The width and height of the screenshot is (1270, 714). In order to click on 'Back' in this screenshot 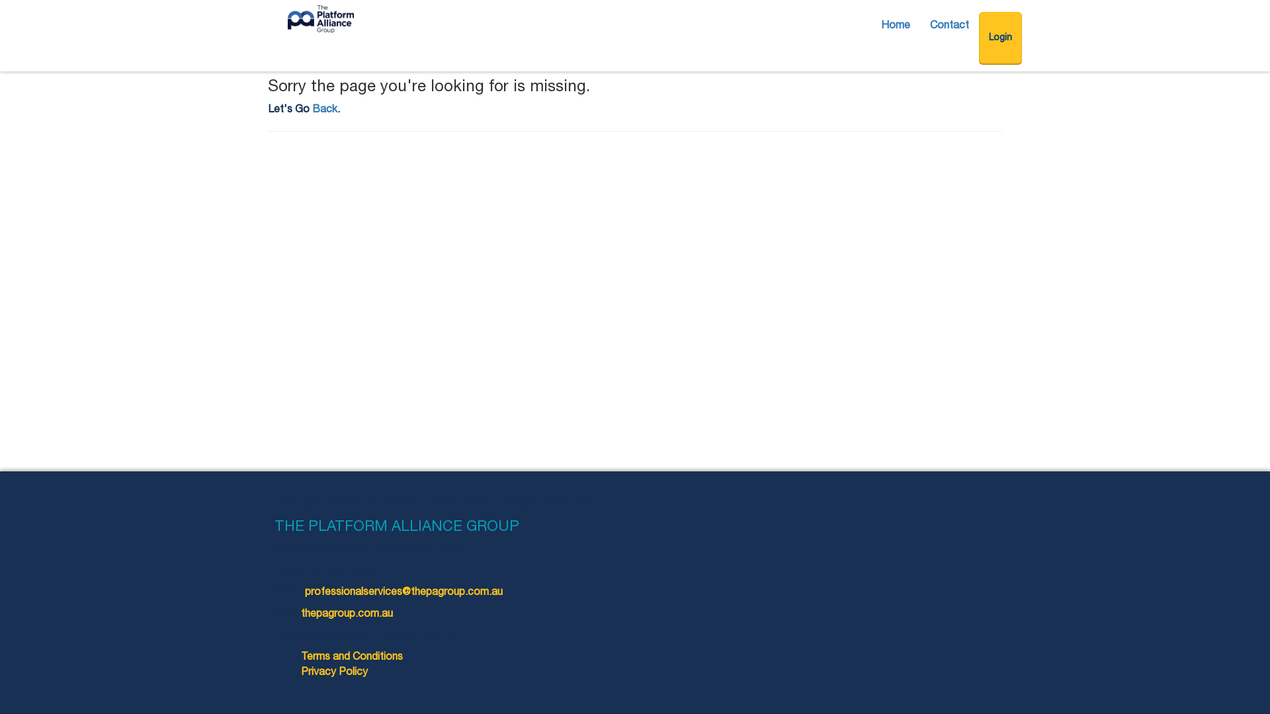, I will do `click(311, 109)`.